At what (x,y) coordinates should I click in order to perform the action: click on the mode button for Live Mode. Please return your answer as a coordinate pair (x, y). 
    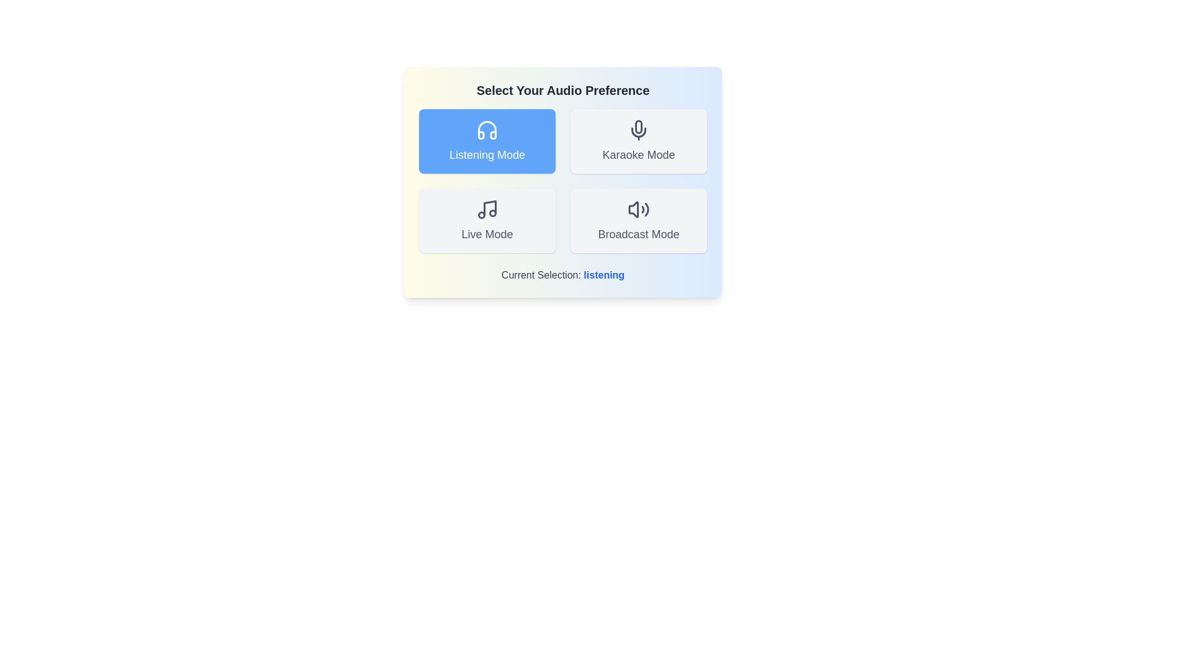
    Looking at the image, I should click on (487, 220).